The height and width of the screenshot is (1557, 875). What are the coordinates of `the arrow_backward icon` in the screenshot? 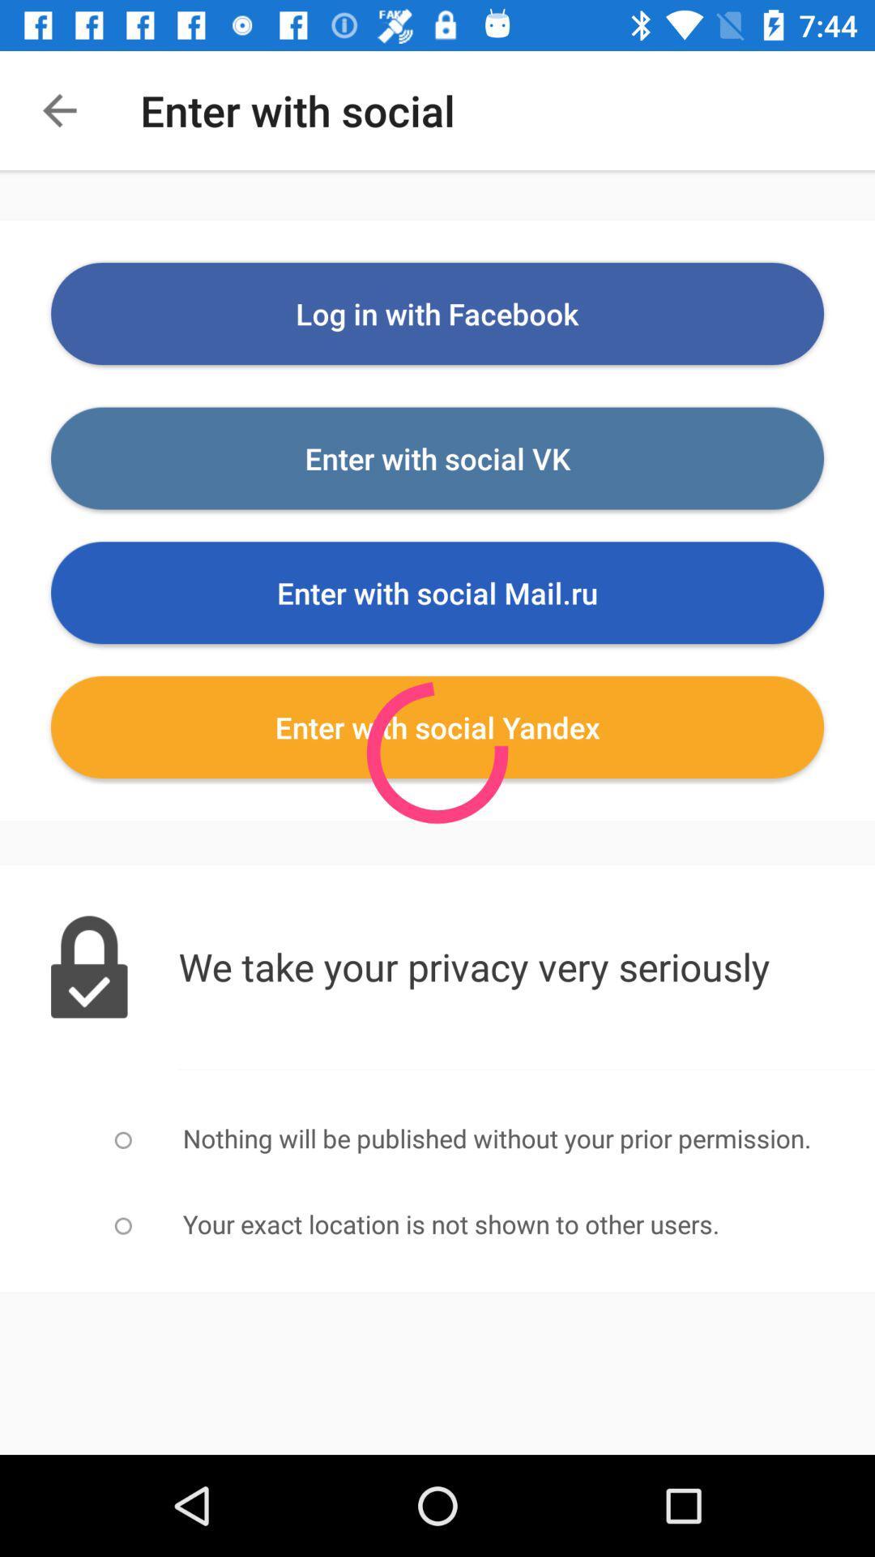 It's located at (58, 109).